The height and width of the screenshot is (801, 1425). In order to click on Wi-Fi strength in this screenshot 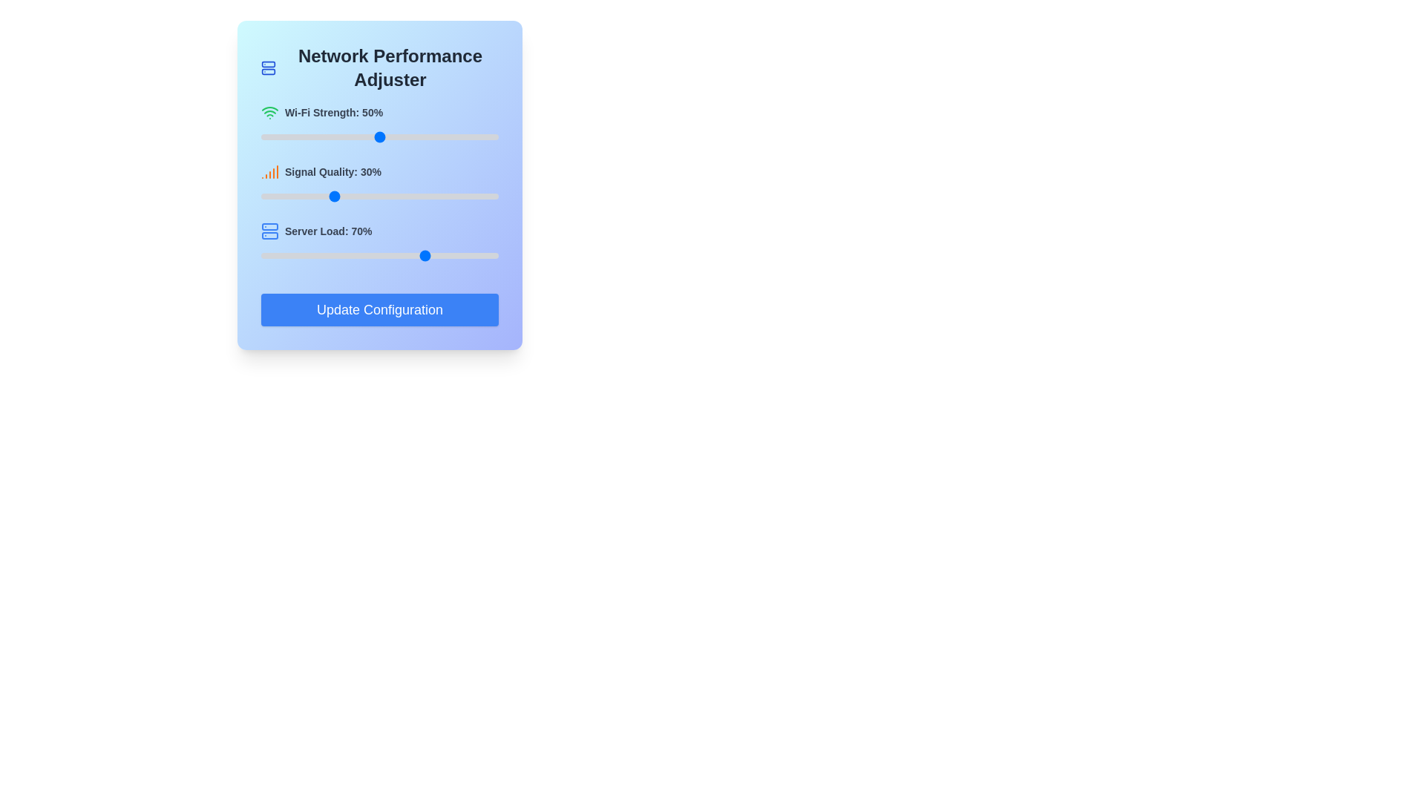, I will do `click(331, 137)`.